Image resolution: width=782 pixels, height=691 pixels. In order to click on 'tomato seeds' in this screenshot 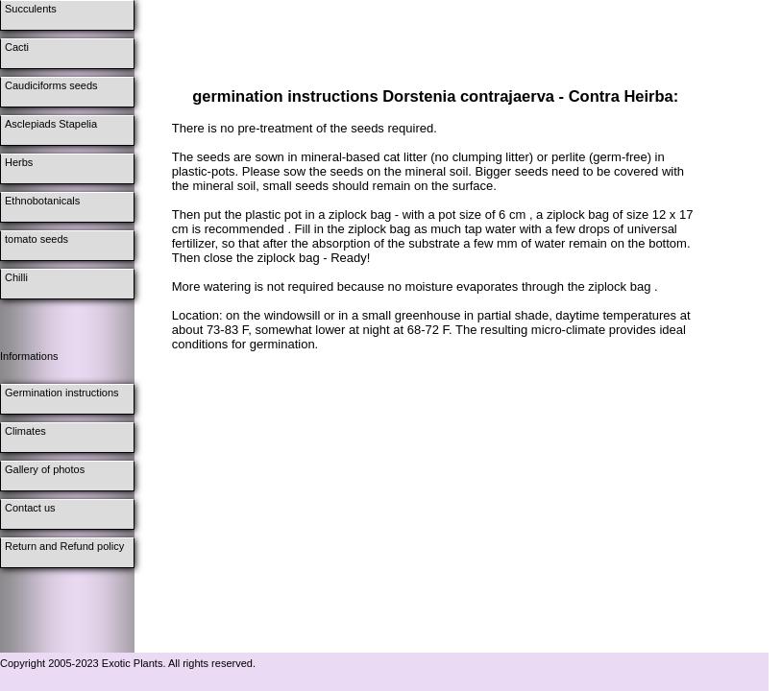, I will do `click(36, 237)`.